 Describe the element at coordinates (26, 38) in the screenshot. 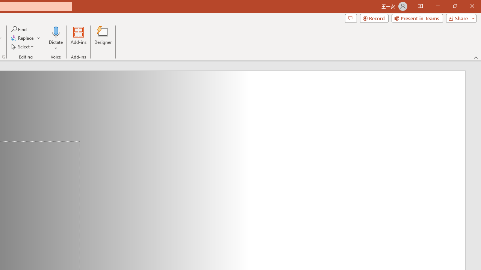

I see `'Replace...'` at that location.